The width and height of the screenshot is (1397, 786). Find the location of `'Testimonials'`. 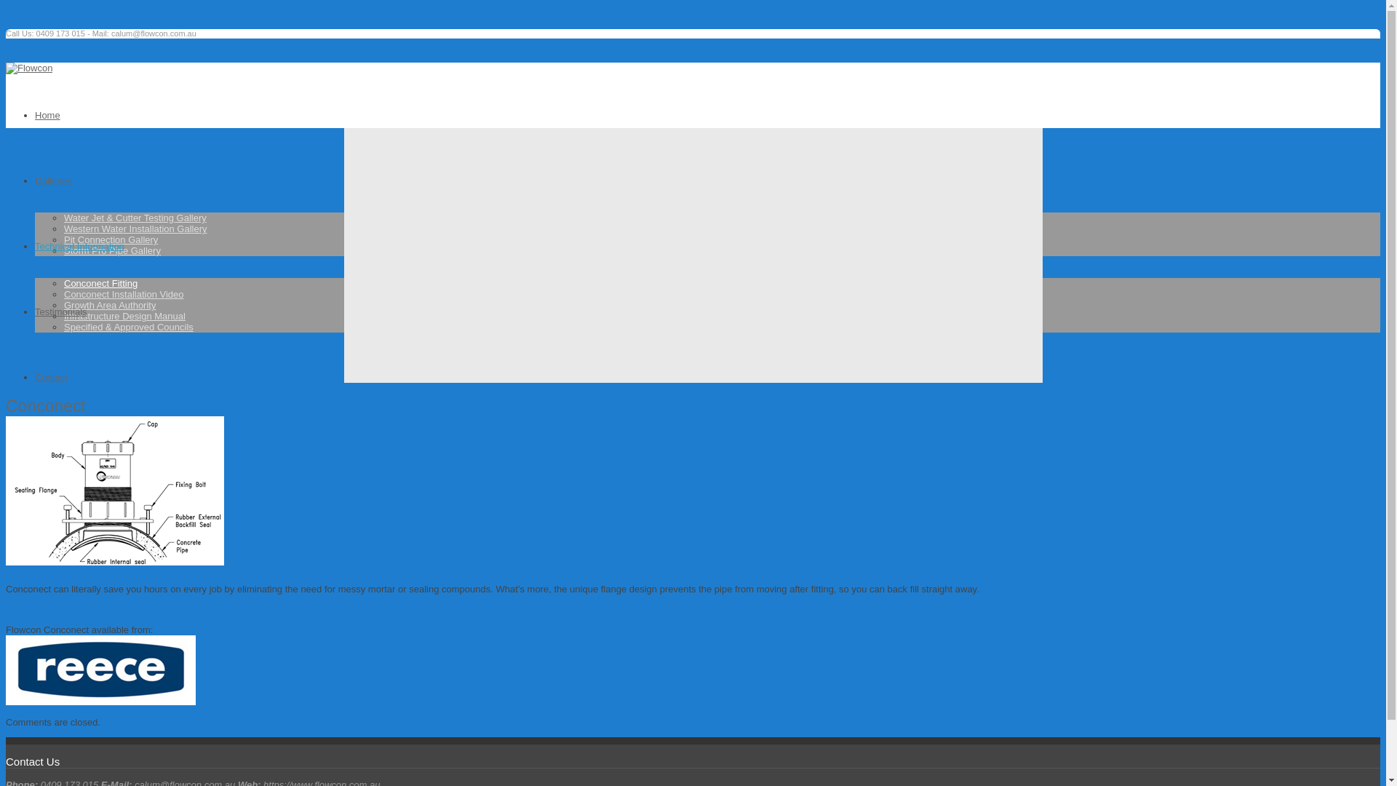

'Testimonials' is located at coordinates (60, 311).